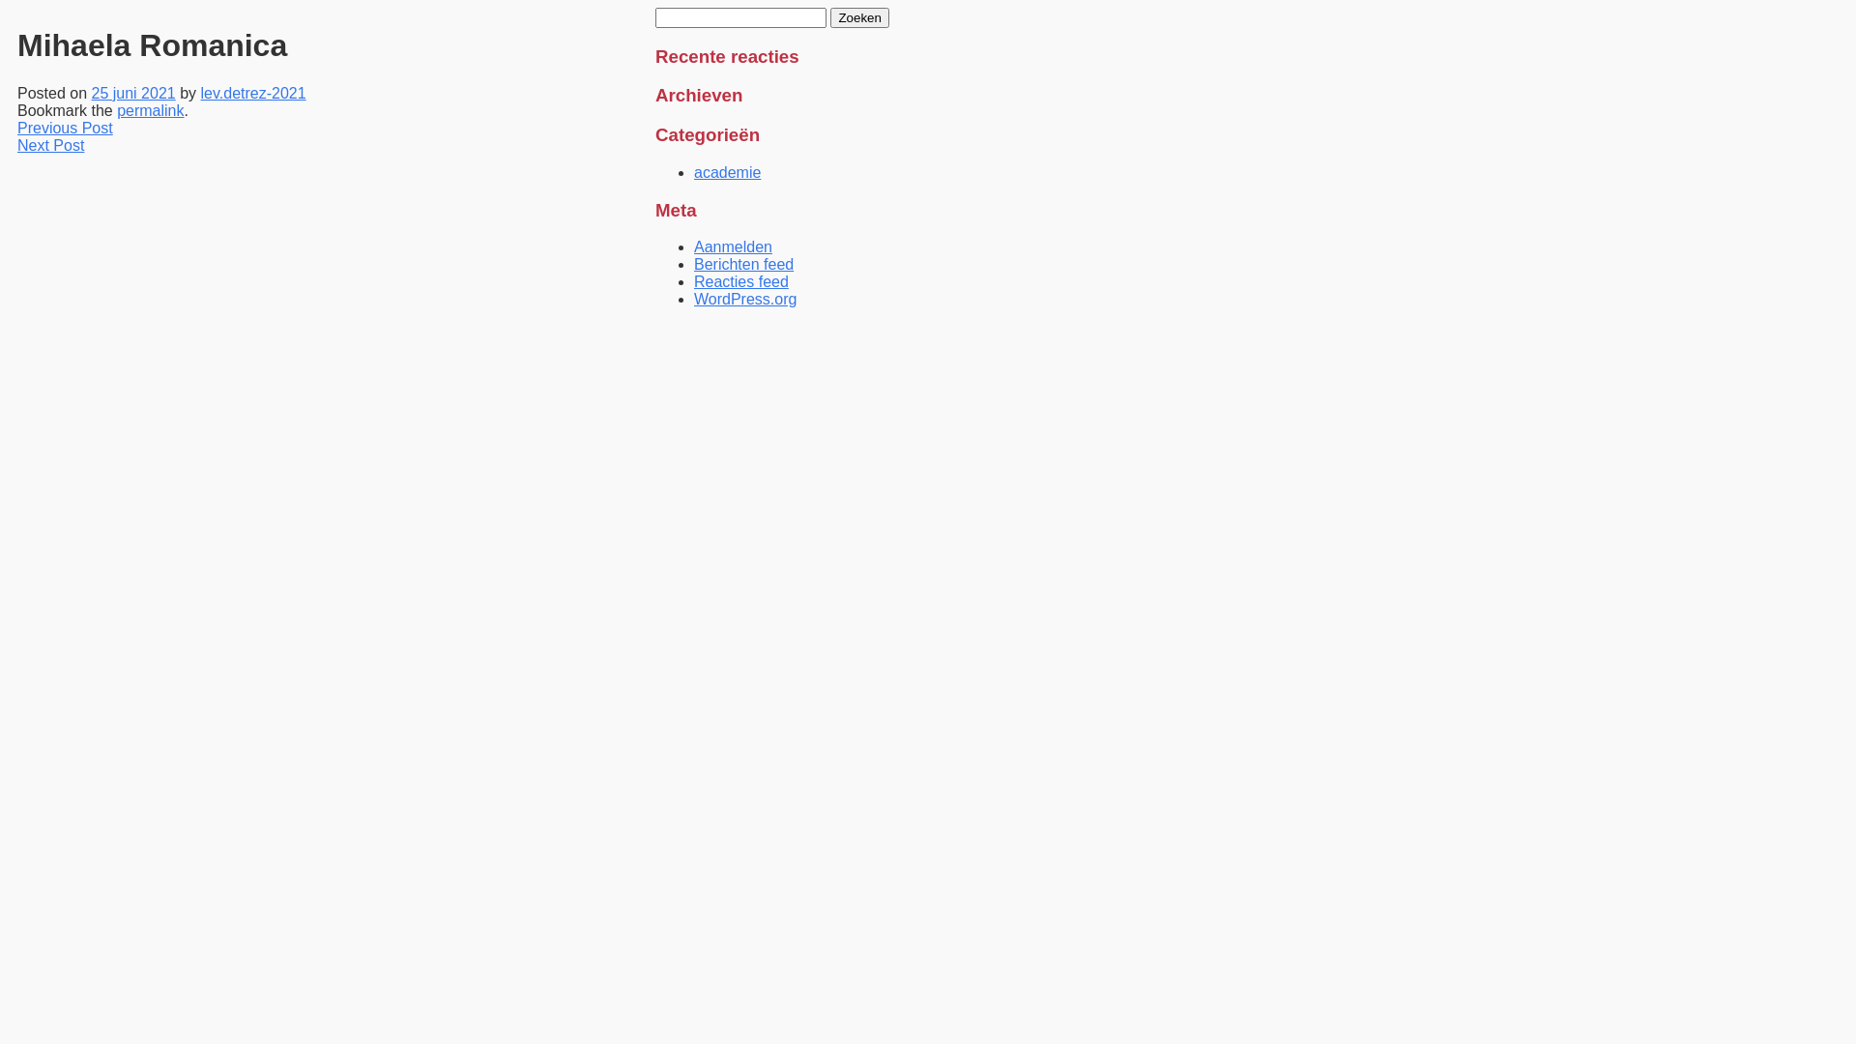 The width and height of the screenshot is (1856, 1044). Describe the element at coordinates (726, 171) in the screenshot. I see `'academie'` at that location.